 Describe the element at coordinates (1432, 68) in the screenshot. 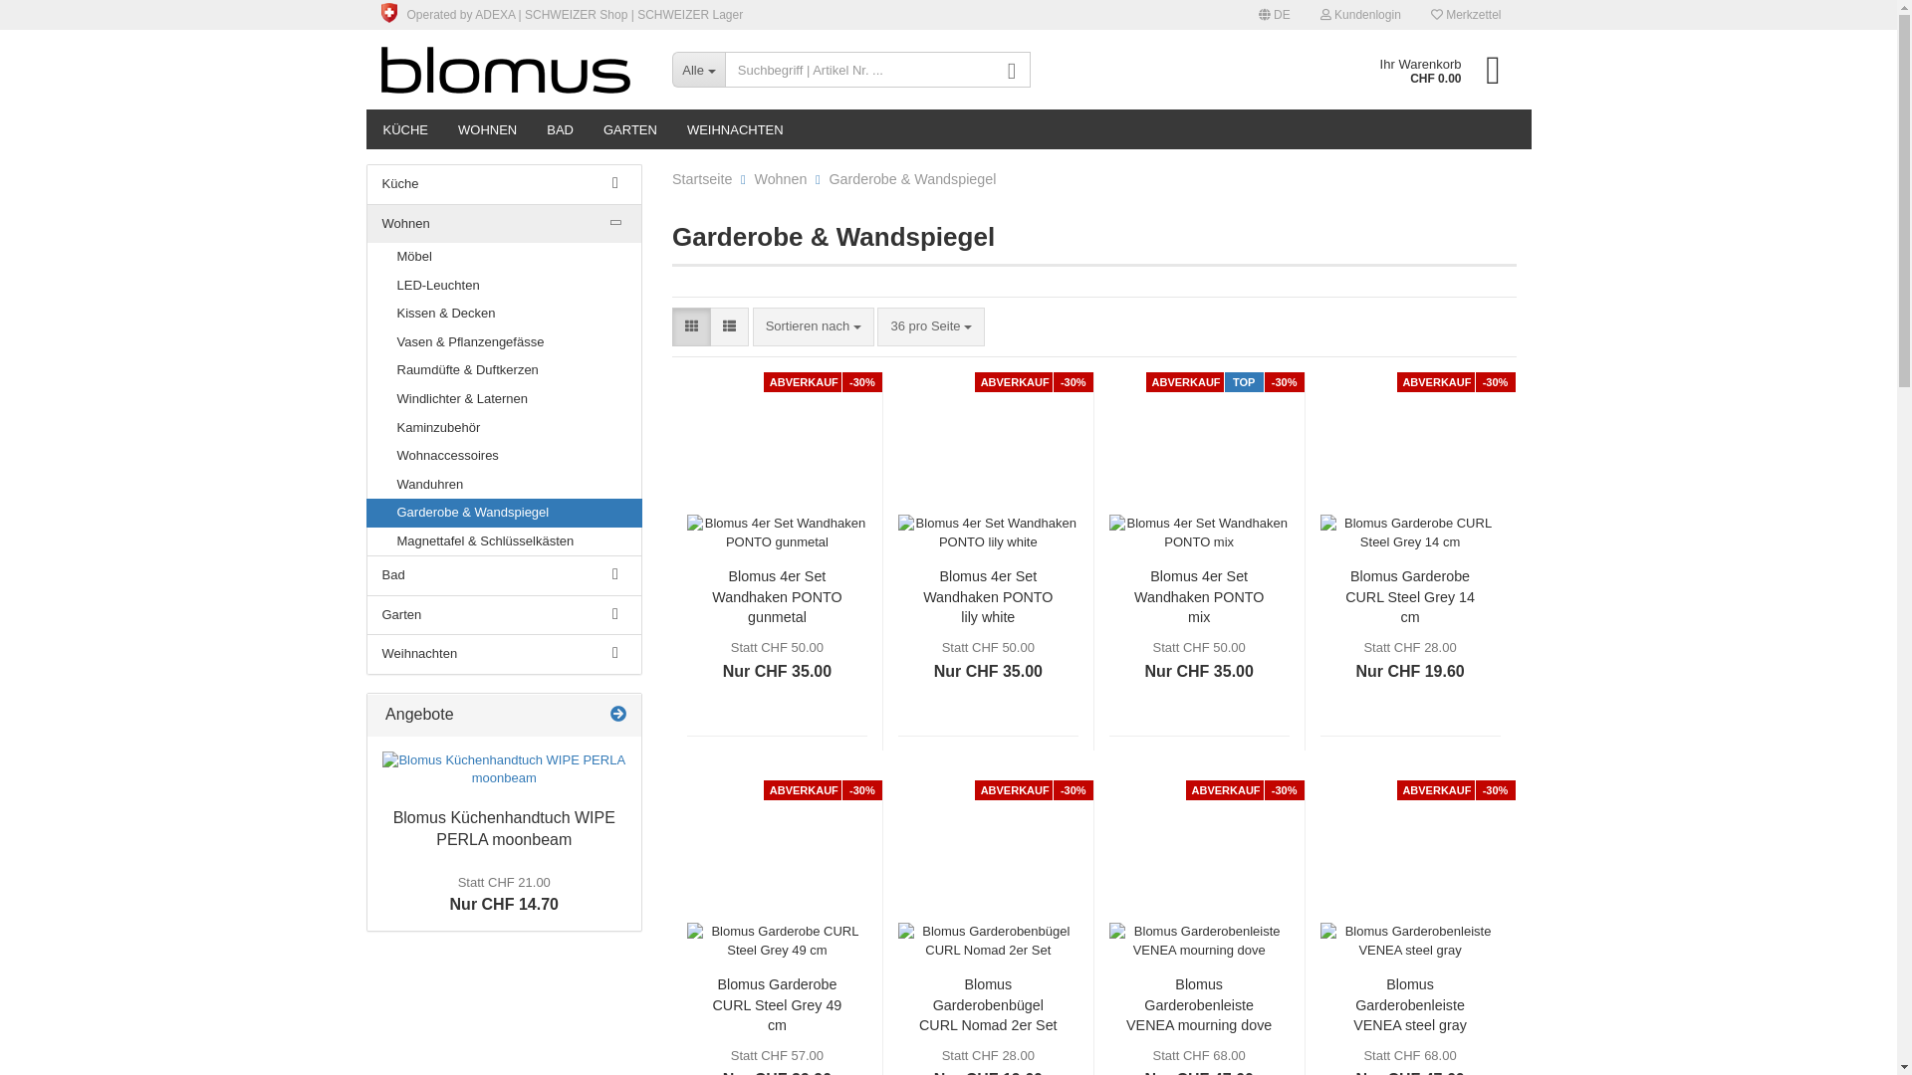

I see `'Ihr Warenkorb` at that location.